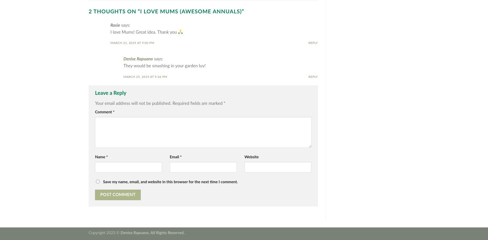 The height and width of the screenshot is (240, 488). Describe the element at coordinates (133, 103) in the screenshot. I see `'Your email address will not be published.'` at that location.